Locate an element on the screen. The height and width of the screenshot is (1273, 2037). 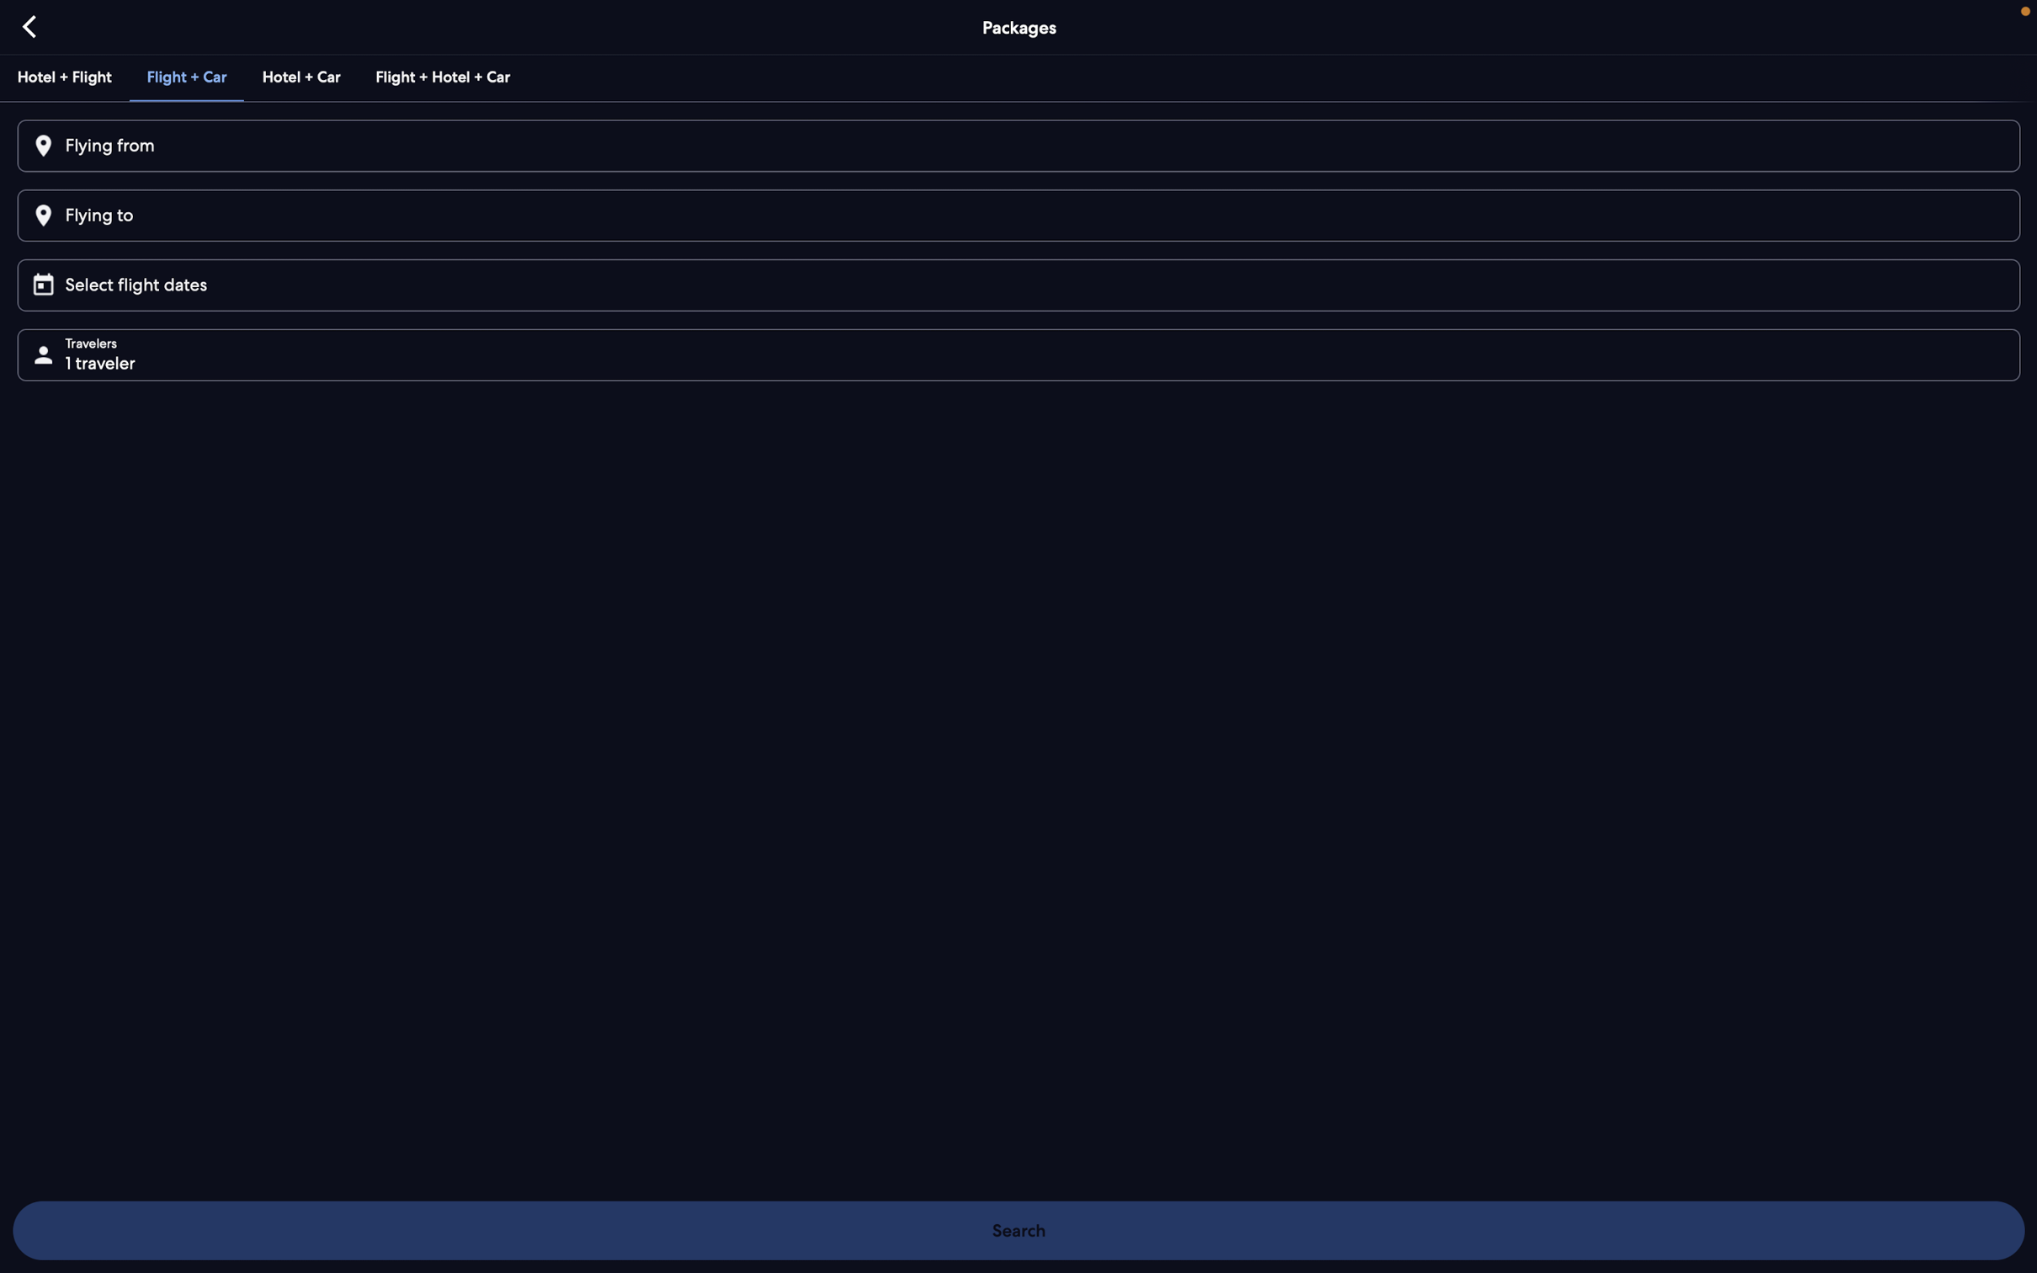
Write "Paris" in the "to" textbox and submit by pressing enter is located at coordinates (1016, 215).